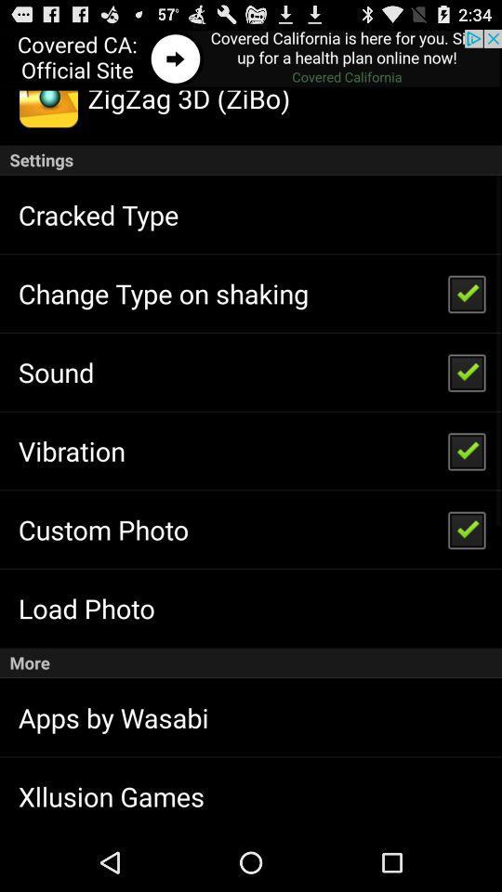 This screenshot has width=502, height=892. What do you see at coordinates (251, 59) in the screenshot?
I see `advertainment` at bounding box center [251, 59].